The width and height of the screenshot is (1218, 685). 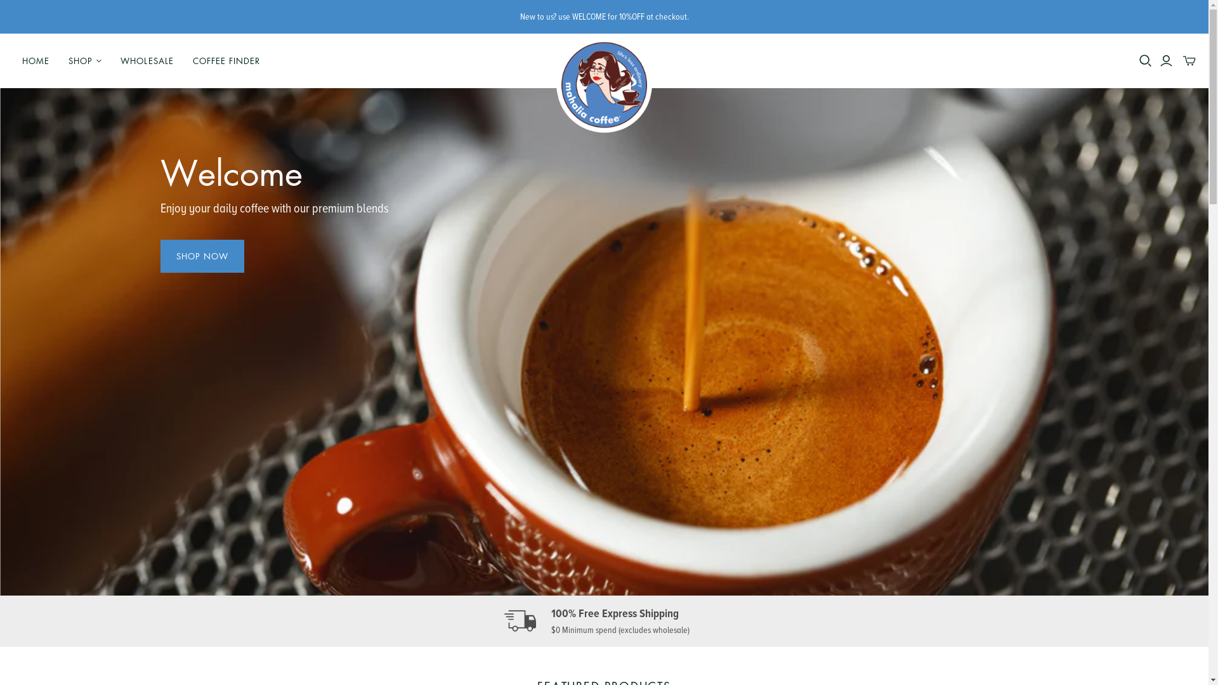 I want to click on 'SHOP', so click(x=58, y=61).